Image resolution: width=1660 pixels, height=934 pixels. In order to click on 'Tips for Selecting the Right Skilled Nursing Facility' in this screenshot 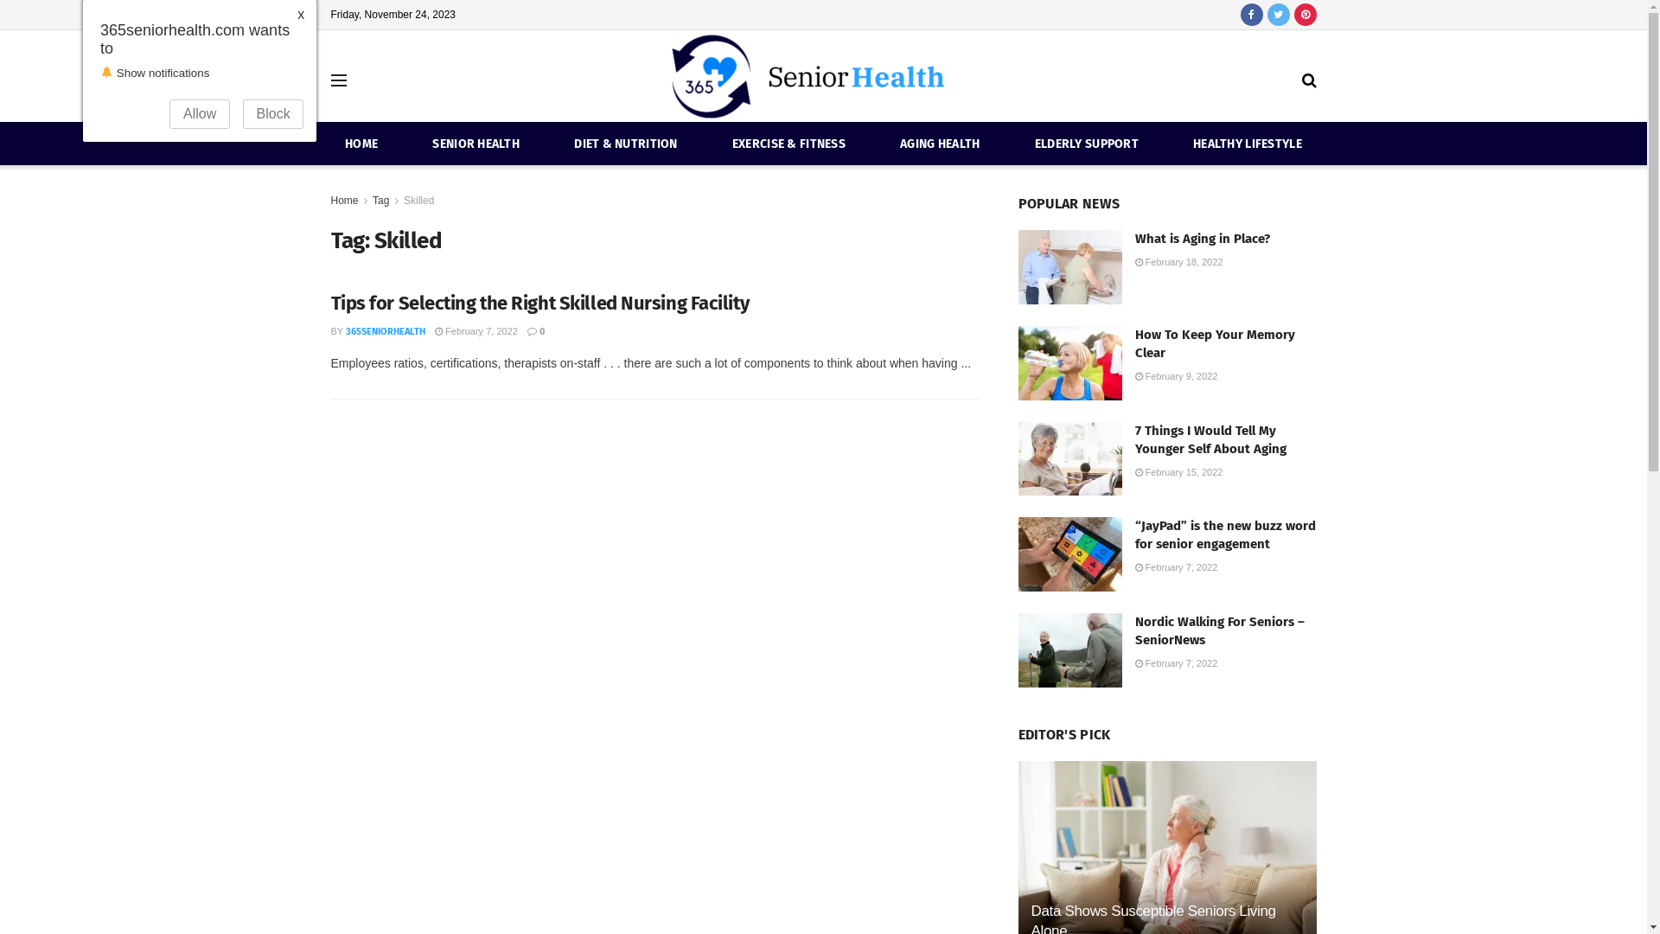, I will do `click(539, 302)`.